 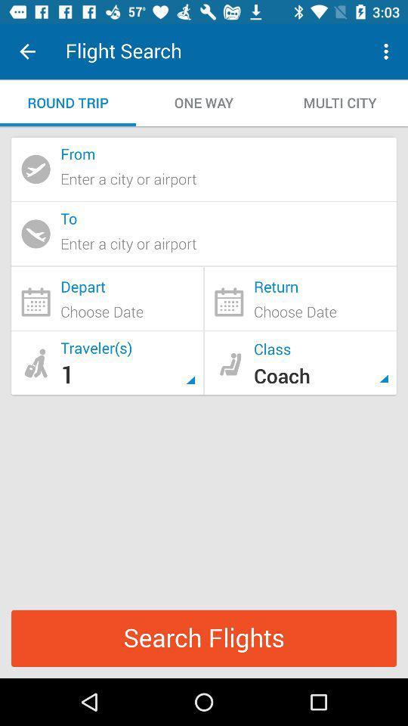 I want to click on the icon to the right of the one way icon, so click(x=388, y=51).